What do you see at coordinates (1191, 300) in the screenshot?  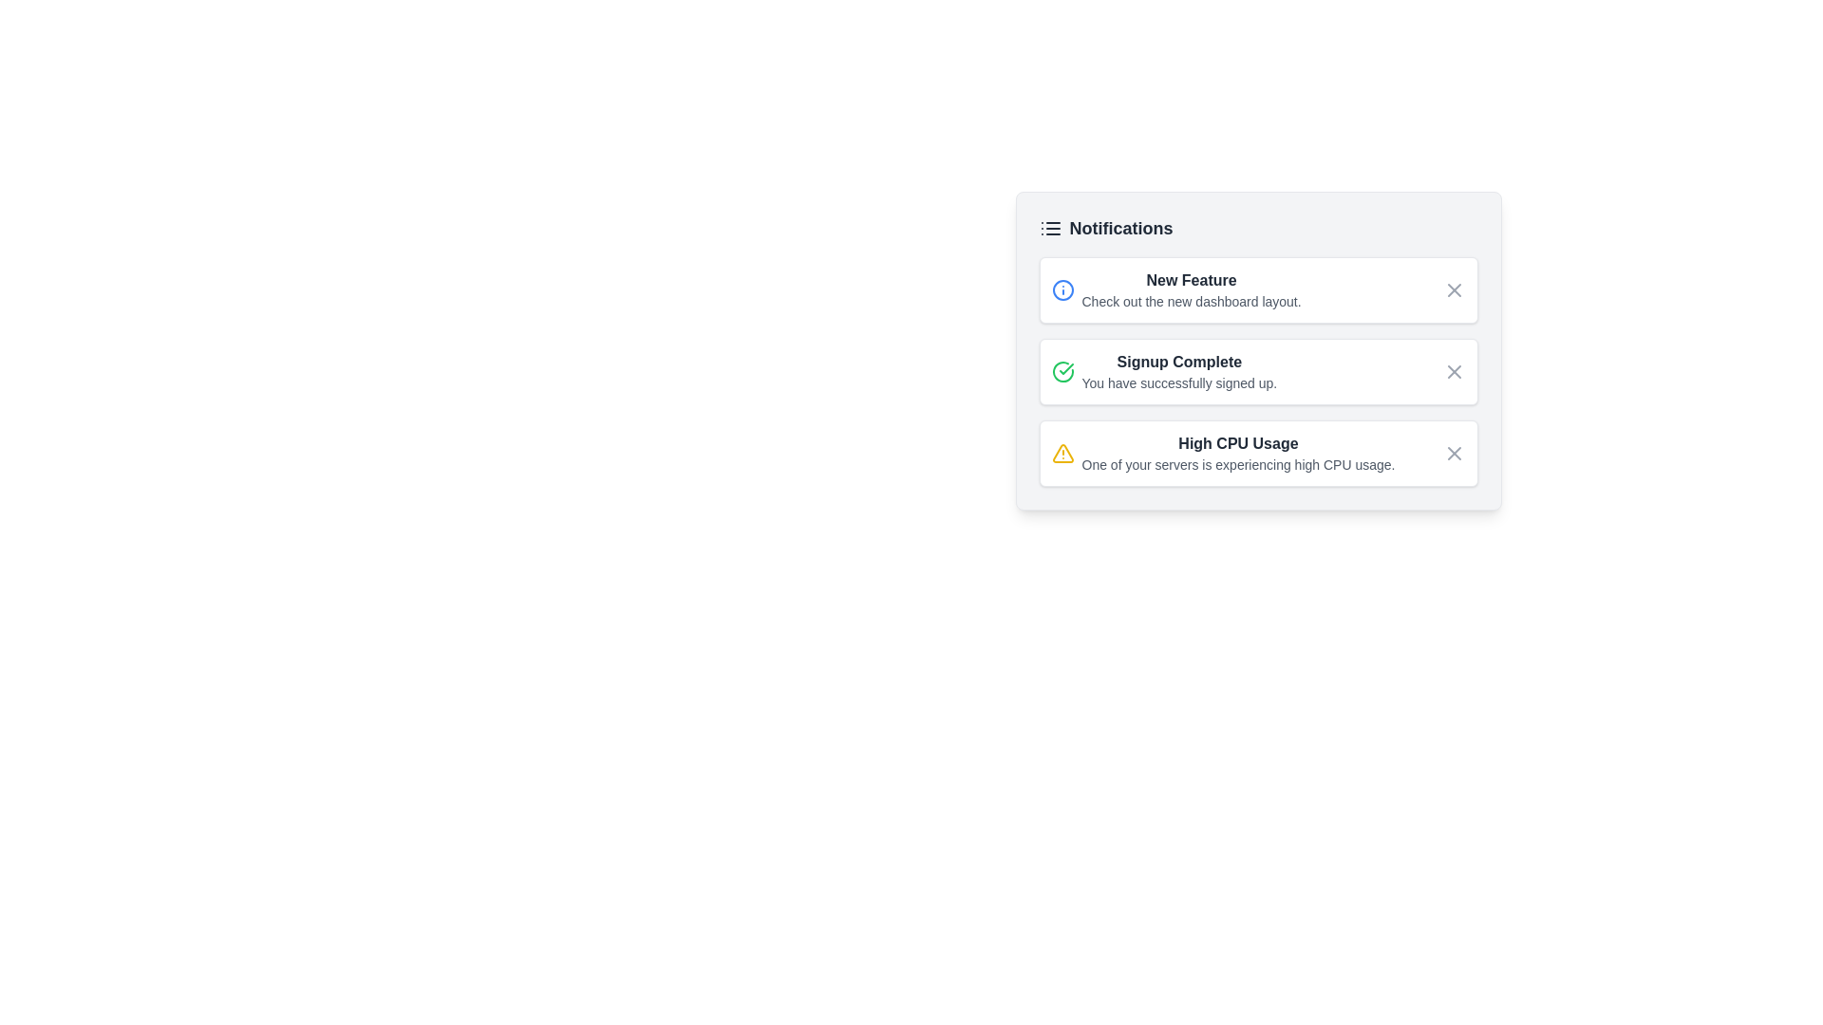 I see `the text label reading 'Check out the new dashboard layout' which is styled in a smaller gray font and positioned below the heading 'New Feature' within the notification card` at bounding box center [1191, 300].